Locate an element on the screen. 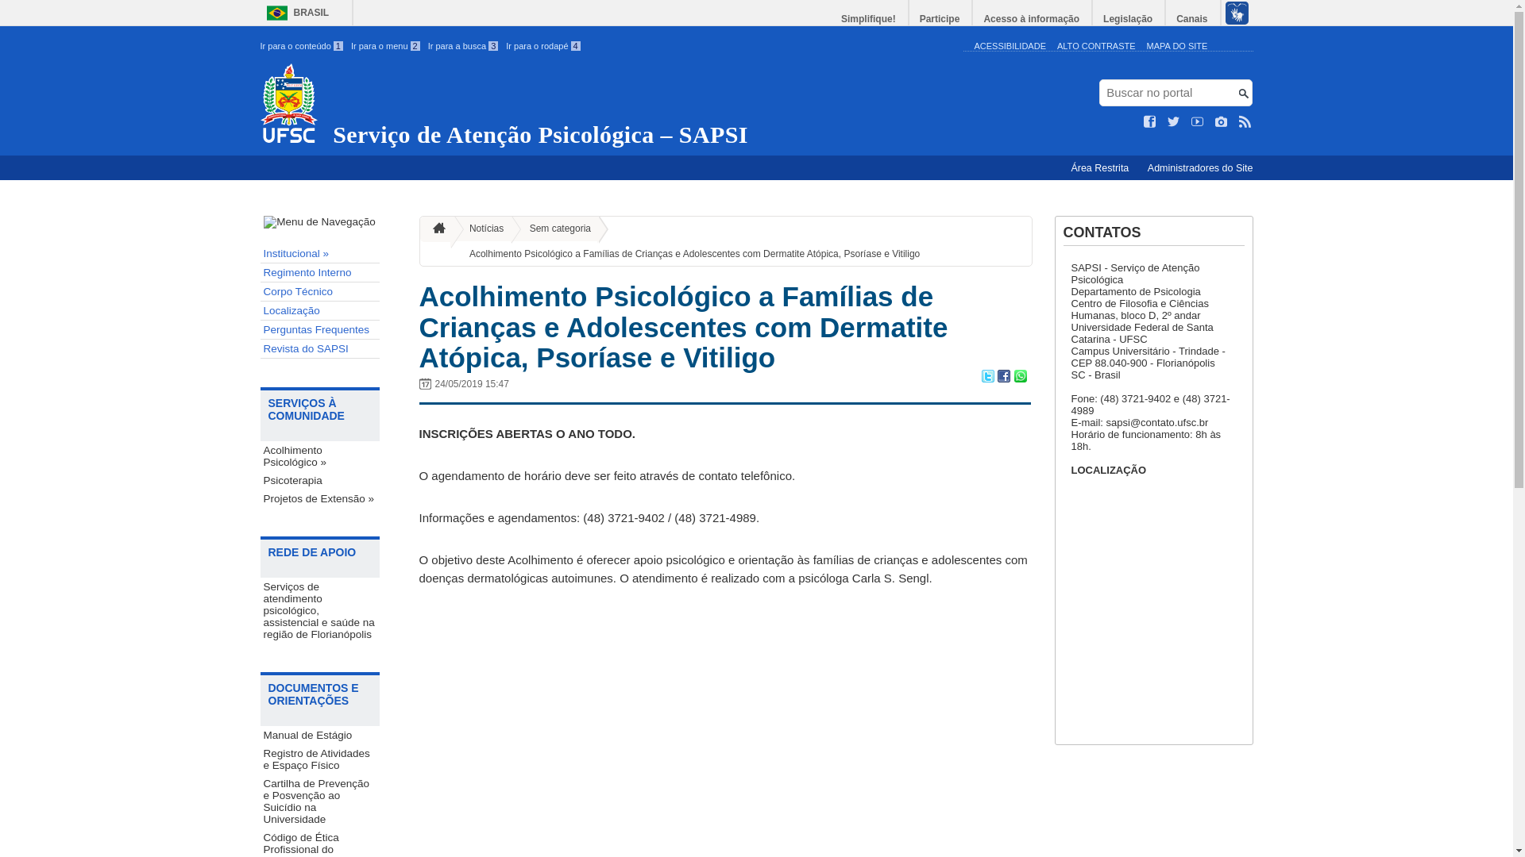 Image resolution: width=1525 pixels, height=857 pixels. 'Revista do SAPSI' is located at coordinates (319, 348).